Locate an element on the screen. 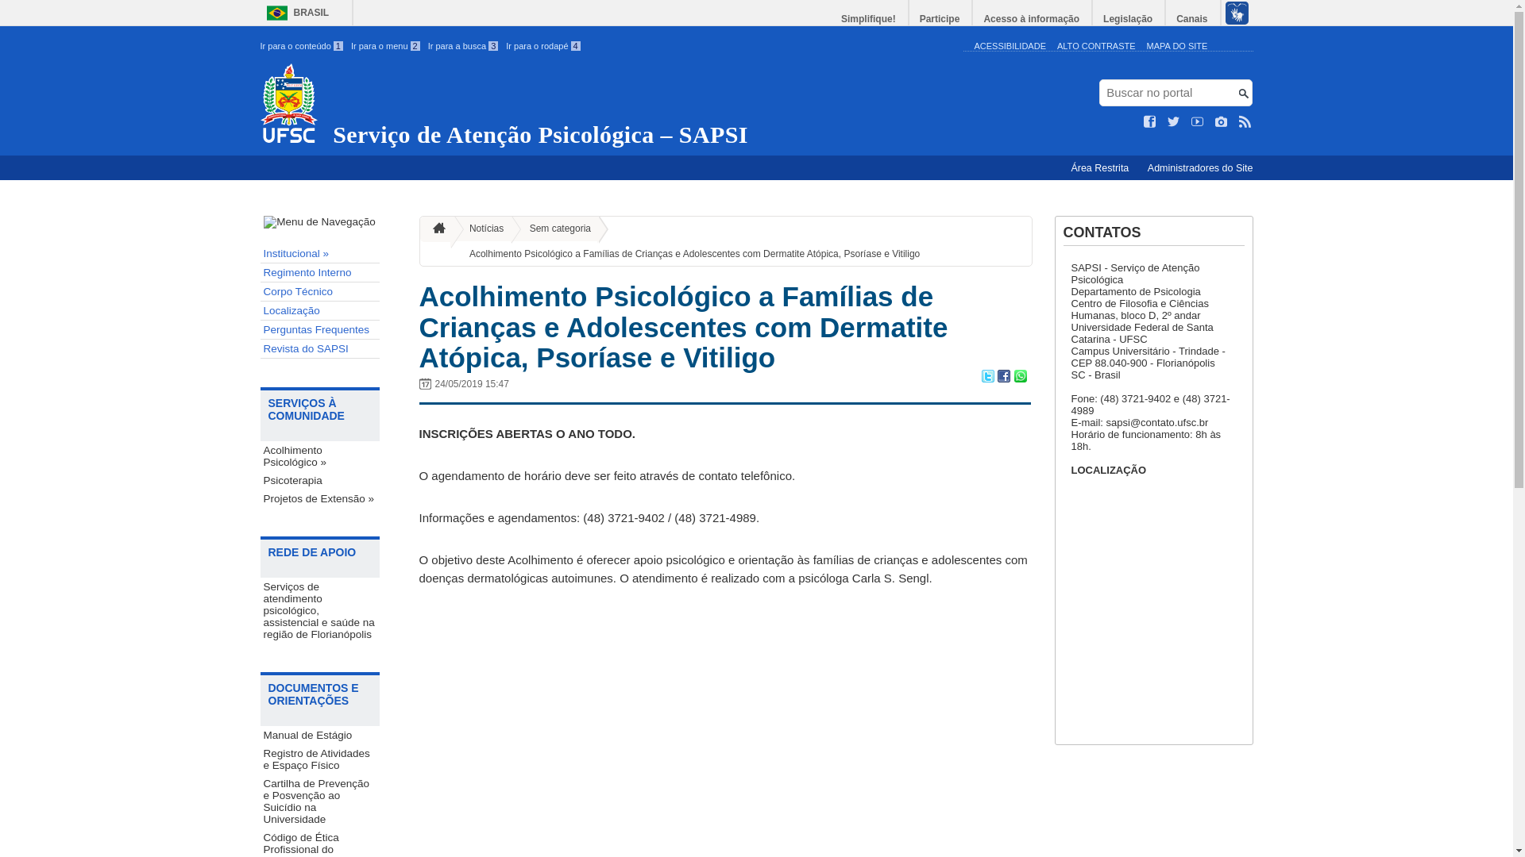 Image resolution: width=1525 pixels, height=857 pixels. 'Revista do SAPSI' is located at coordinates (319, 348).